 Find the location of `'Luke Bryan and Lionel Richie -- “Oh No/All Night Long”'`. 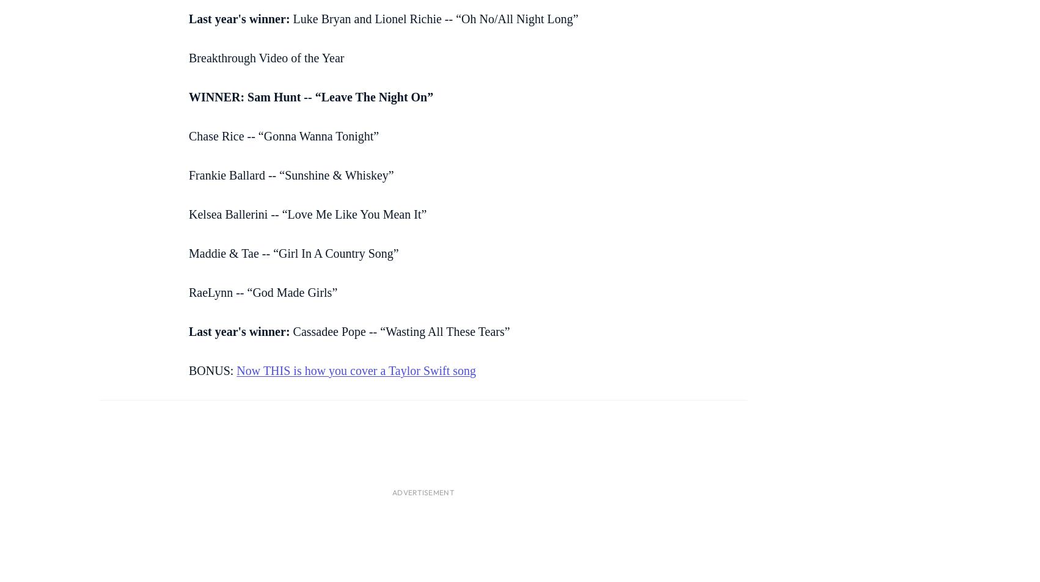

'Luke Bryan and Lionel Richie -- “Oh No/All Night Long”' is located at coordinates (433, 18).